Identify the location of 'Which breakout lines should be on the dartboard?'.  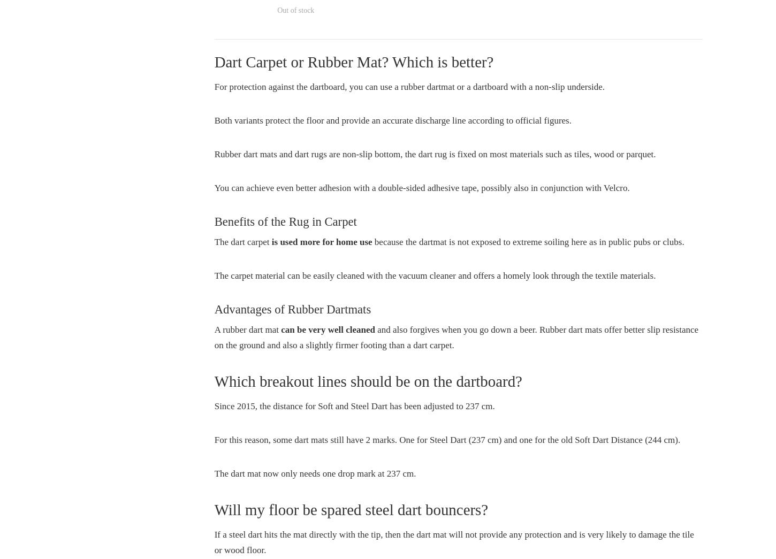
(367, 380).